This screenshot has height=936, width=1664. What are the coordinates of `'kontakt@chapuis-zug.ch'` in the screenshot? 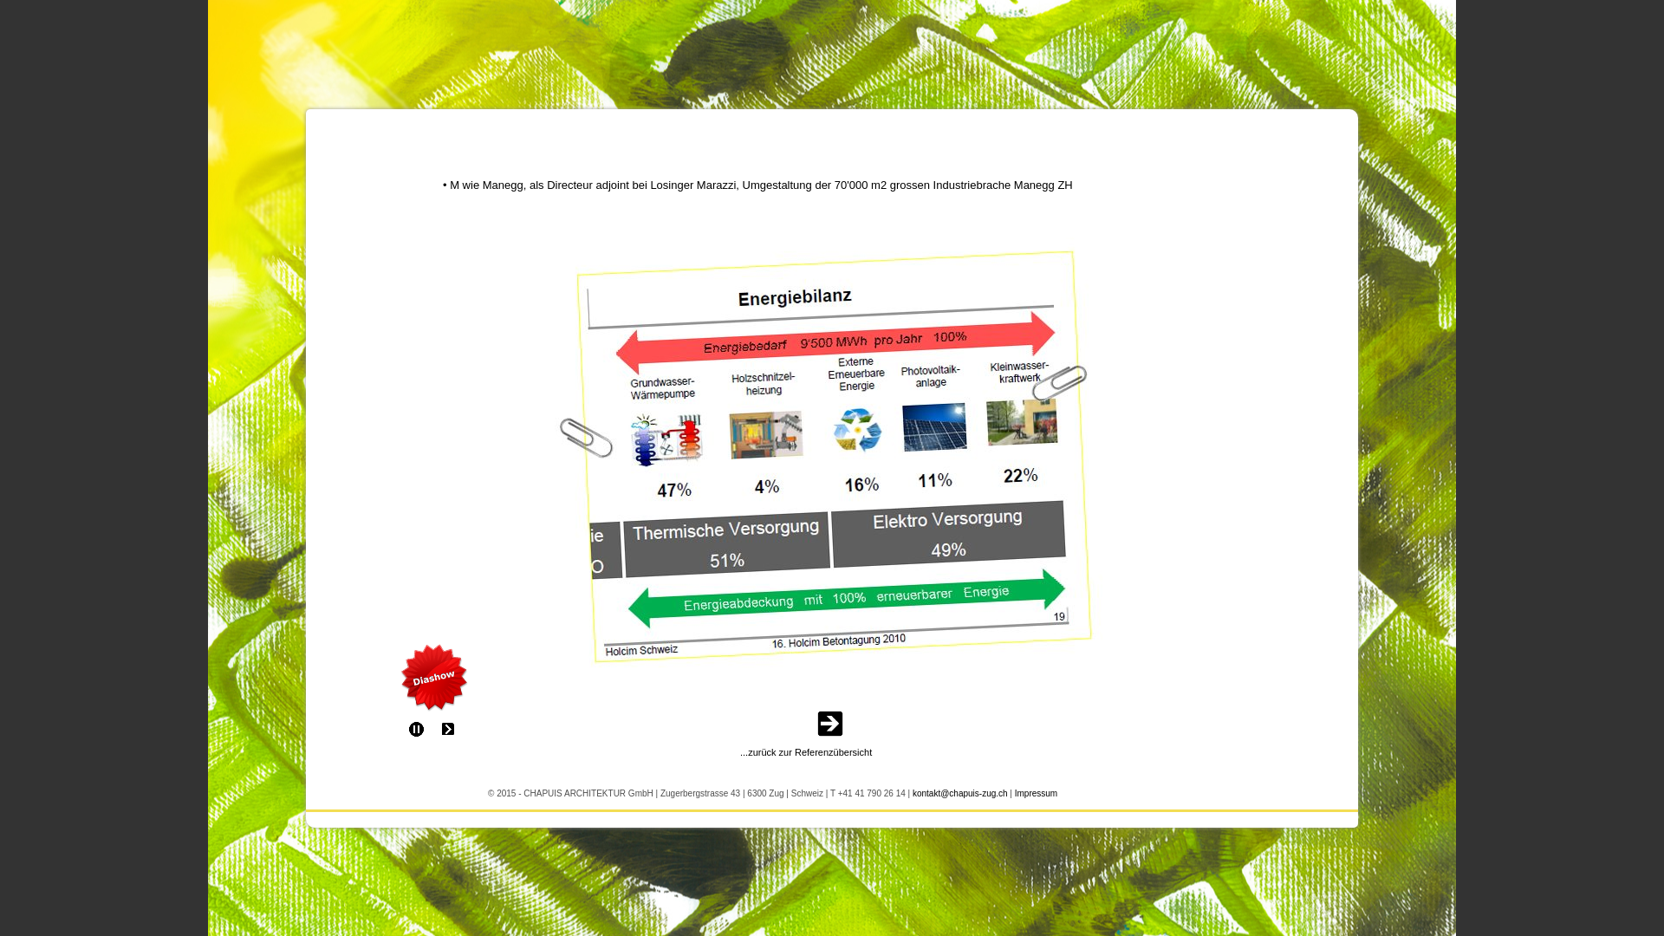 It's located at (959, 791).